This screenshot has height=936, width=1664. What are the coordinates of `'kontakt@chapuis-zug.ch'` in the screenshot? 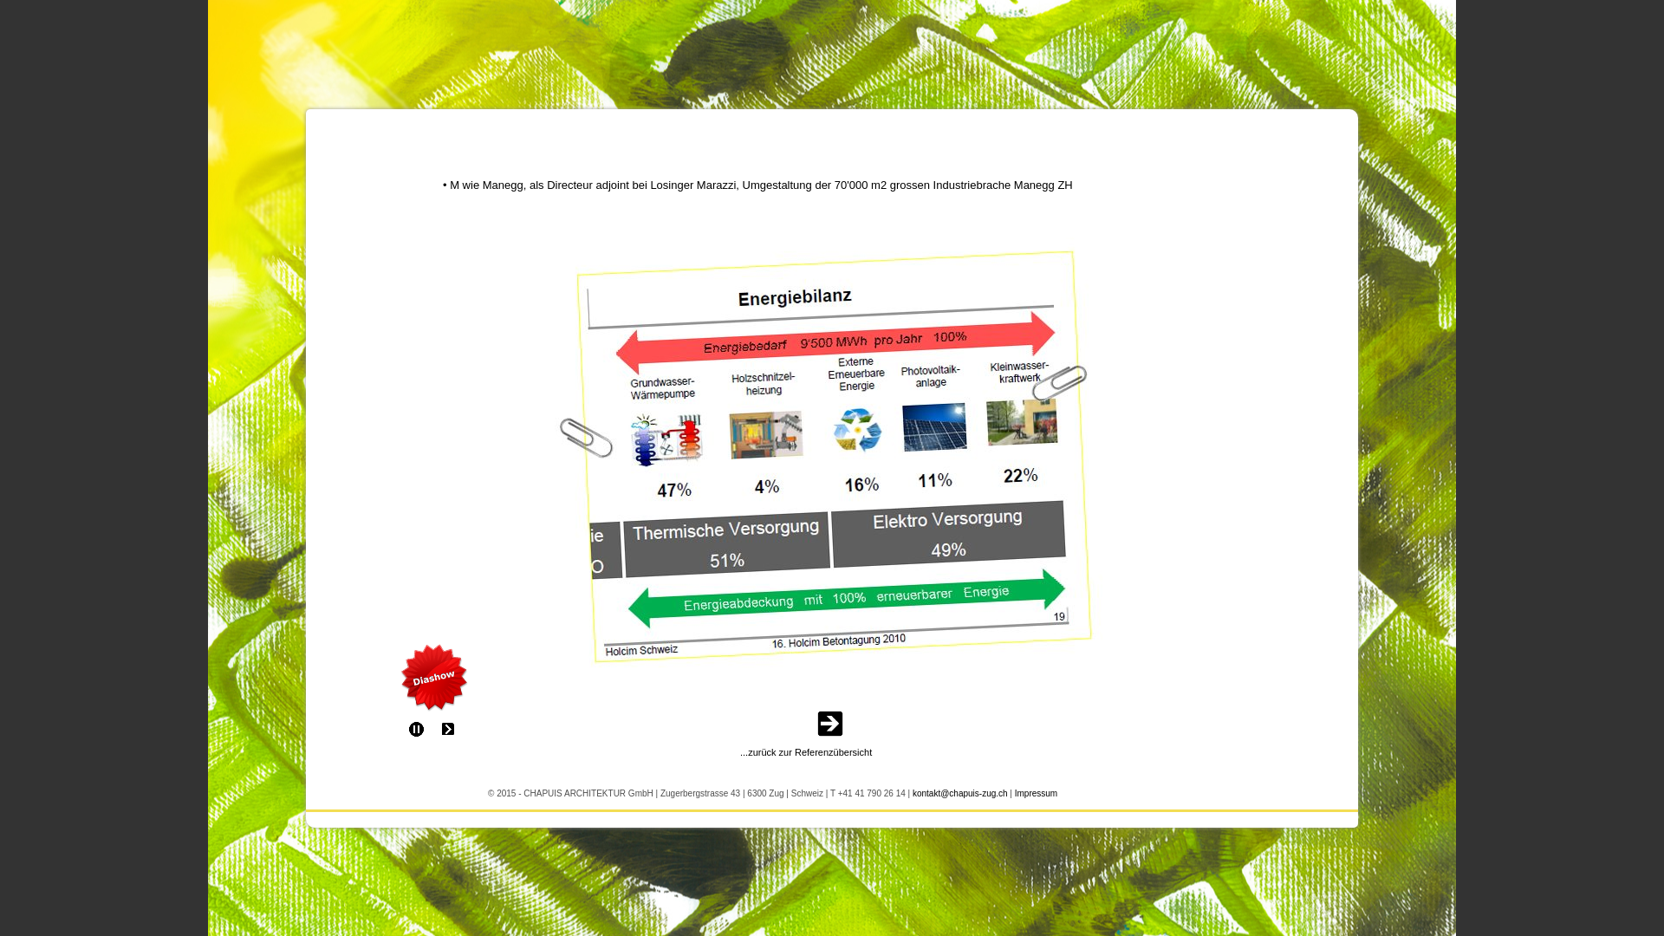 It's located at (959, 791).